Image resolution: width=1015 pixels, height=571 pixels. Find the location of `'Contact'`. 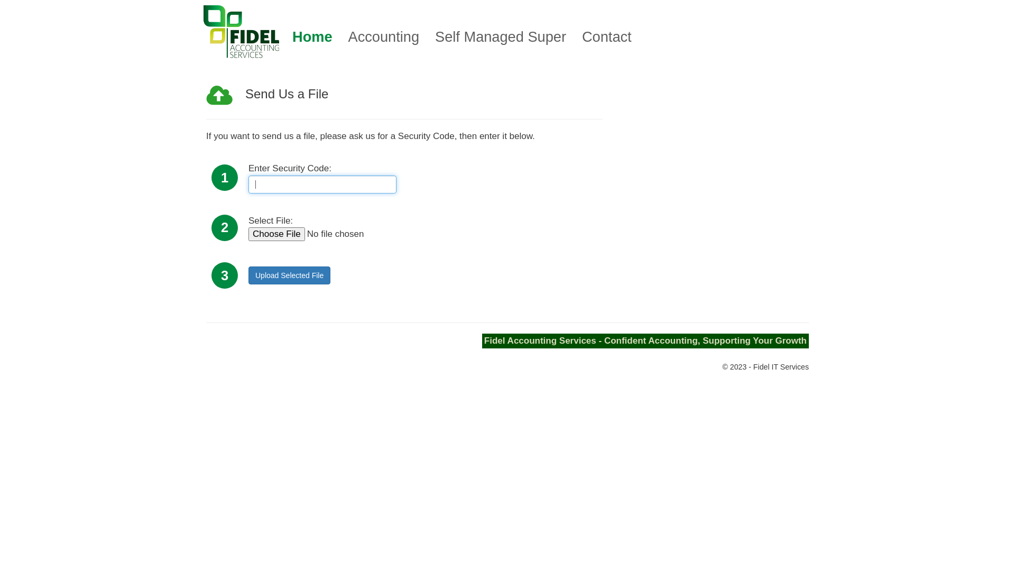

'Contact' is located at coordinates (606, 36).